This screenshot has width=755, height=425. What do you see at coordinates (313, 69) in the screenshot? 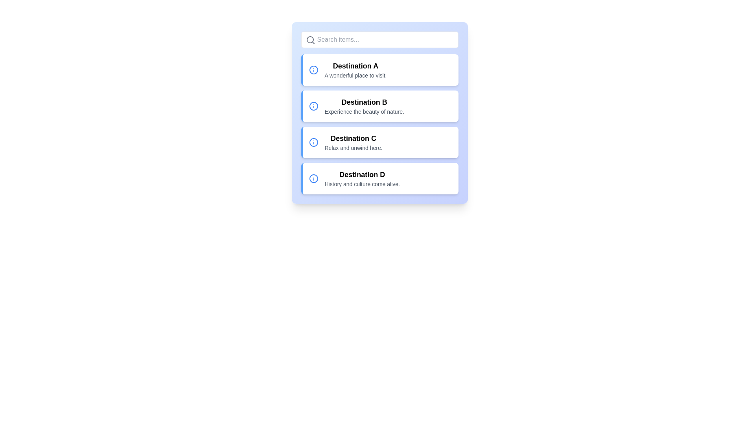
I see `the circular information icon with a blue outline located on the left of the 'Destination A' section, before the title and description` at bounding box center [313, 69].